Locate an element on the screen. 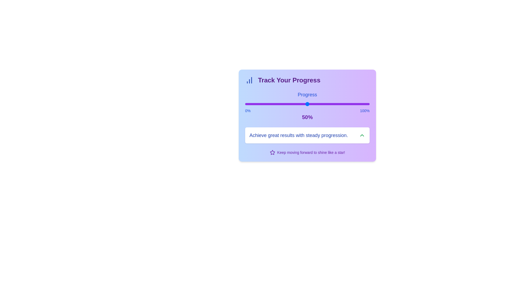 The image size is (515, 289). the progress value is located at coordinates (292, 104).